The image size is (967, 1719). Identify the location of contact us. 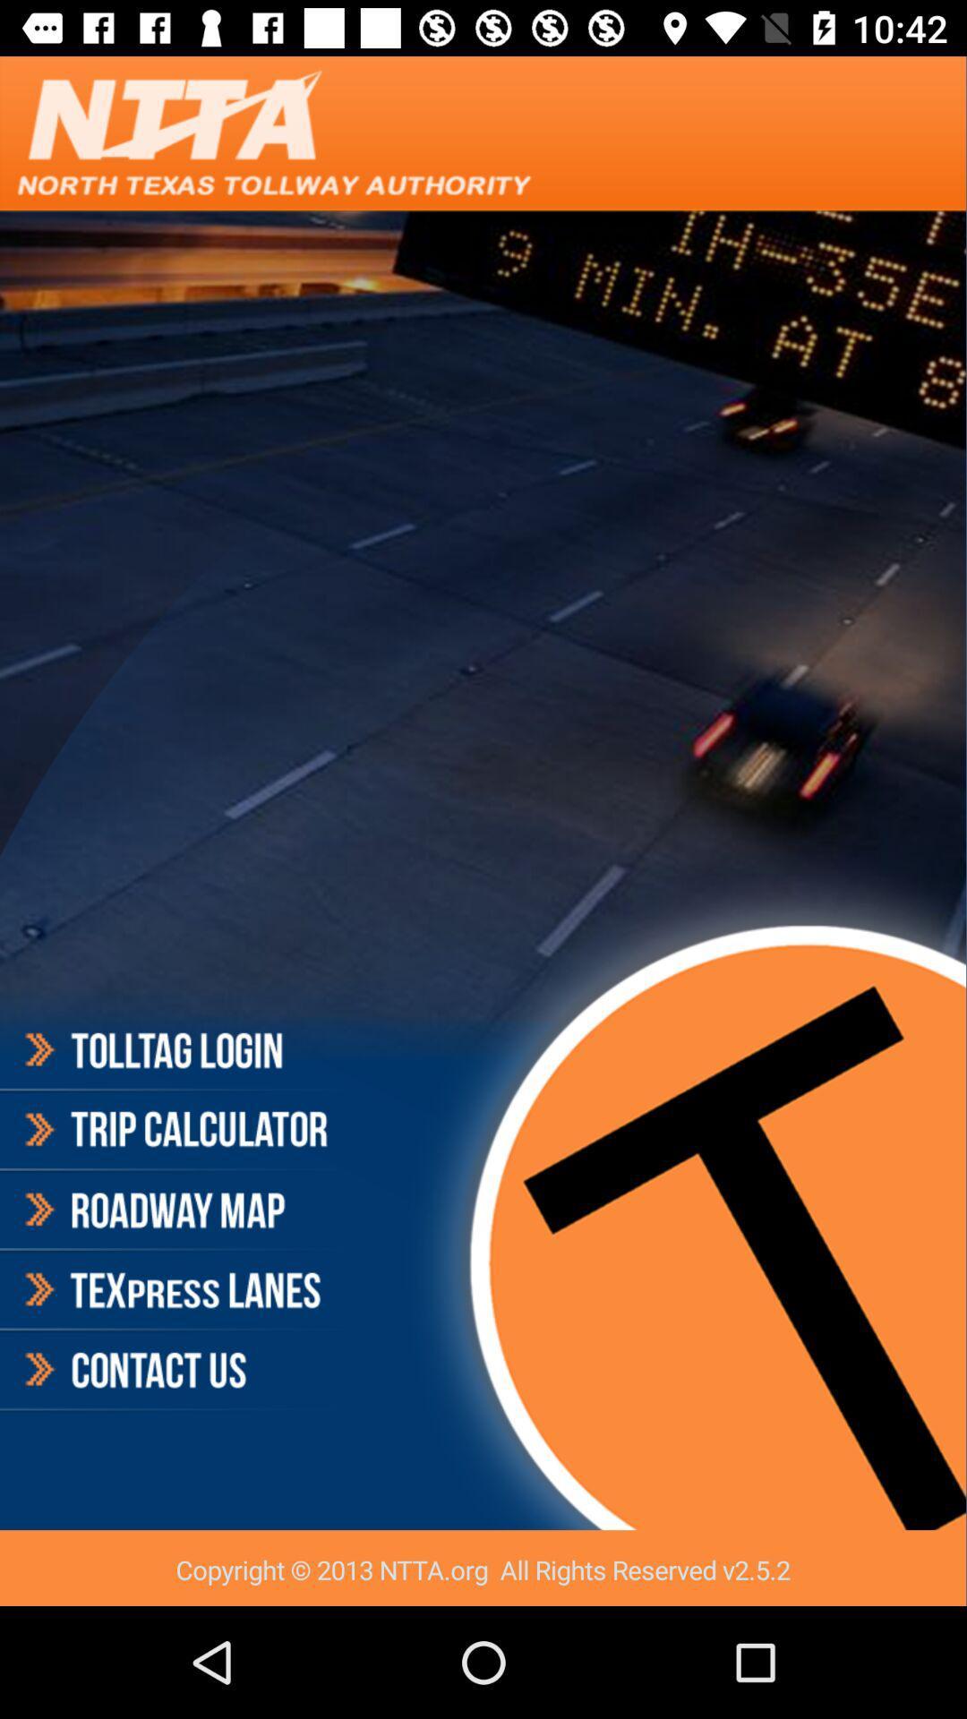
(174, 1369).